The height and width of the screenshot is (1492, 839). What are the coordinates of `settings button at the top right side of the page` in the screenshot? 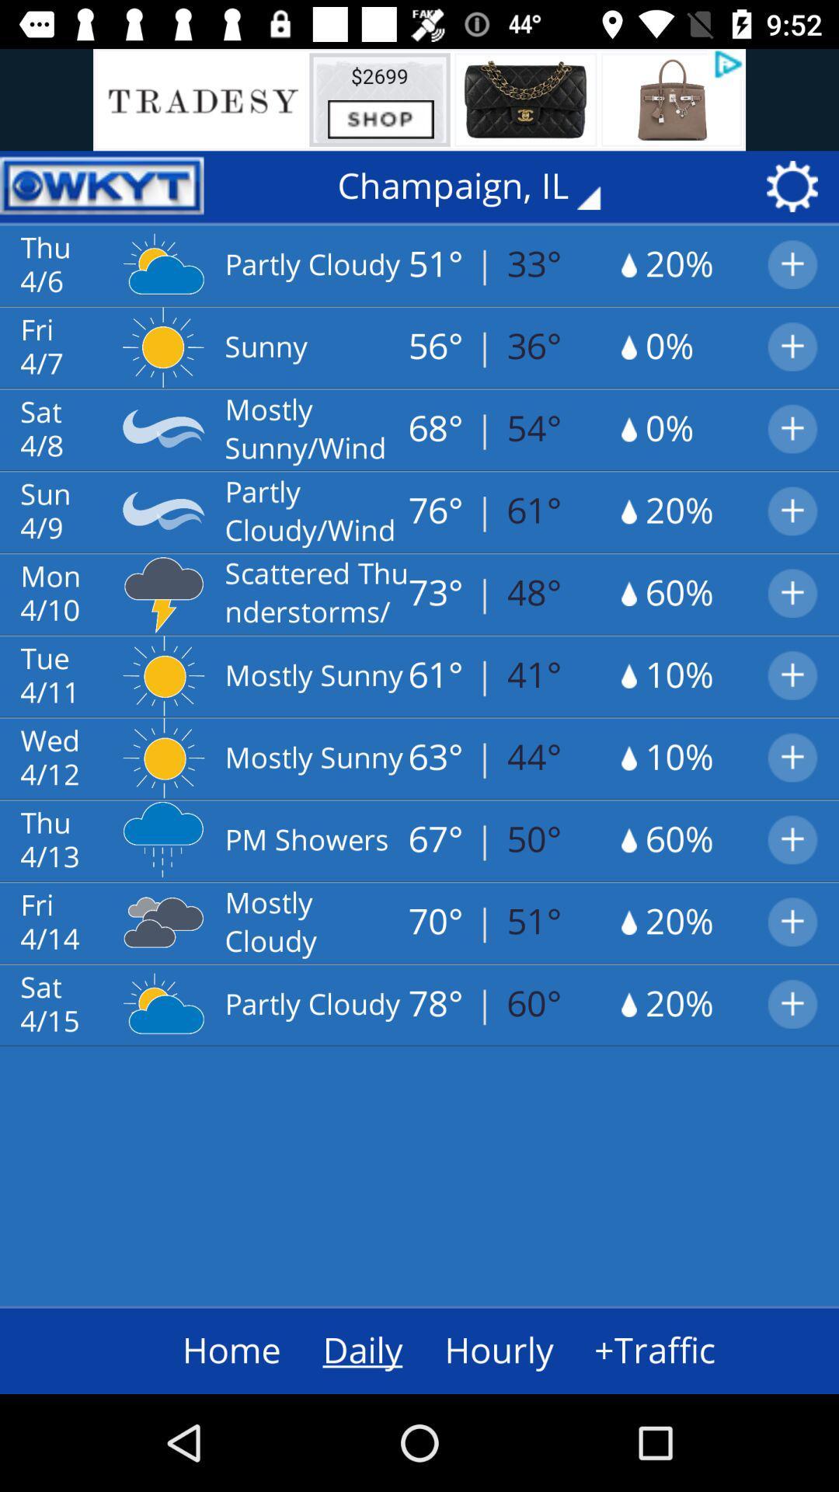 It's located at (797, 186).